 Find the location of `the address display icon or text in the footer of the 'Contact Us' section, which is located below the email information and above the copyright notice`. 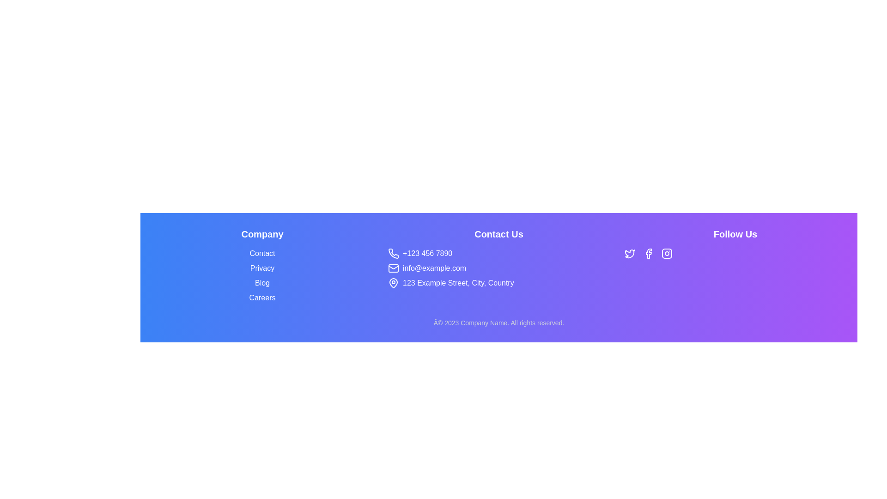

the address display icon or text in the footer of the 'Contact Us' section, which is located below the email information and above the copyright notice is located at coordinates (498, 283).